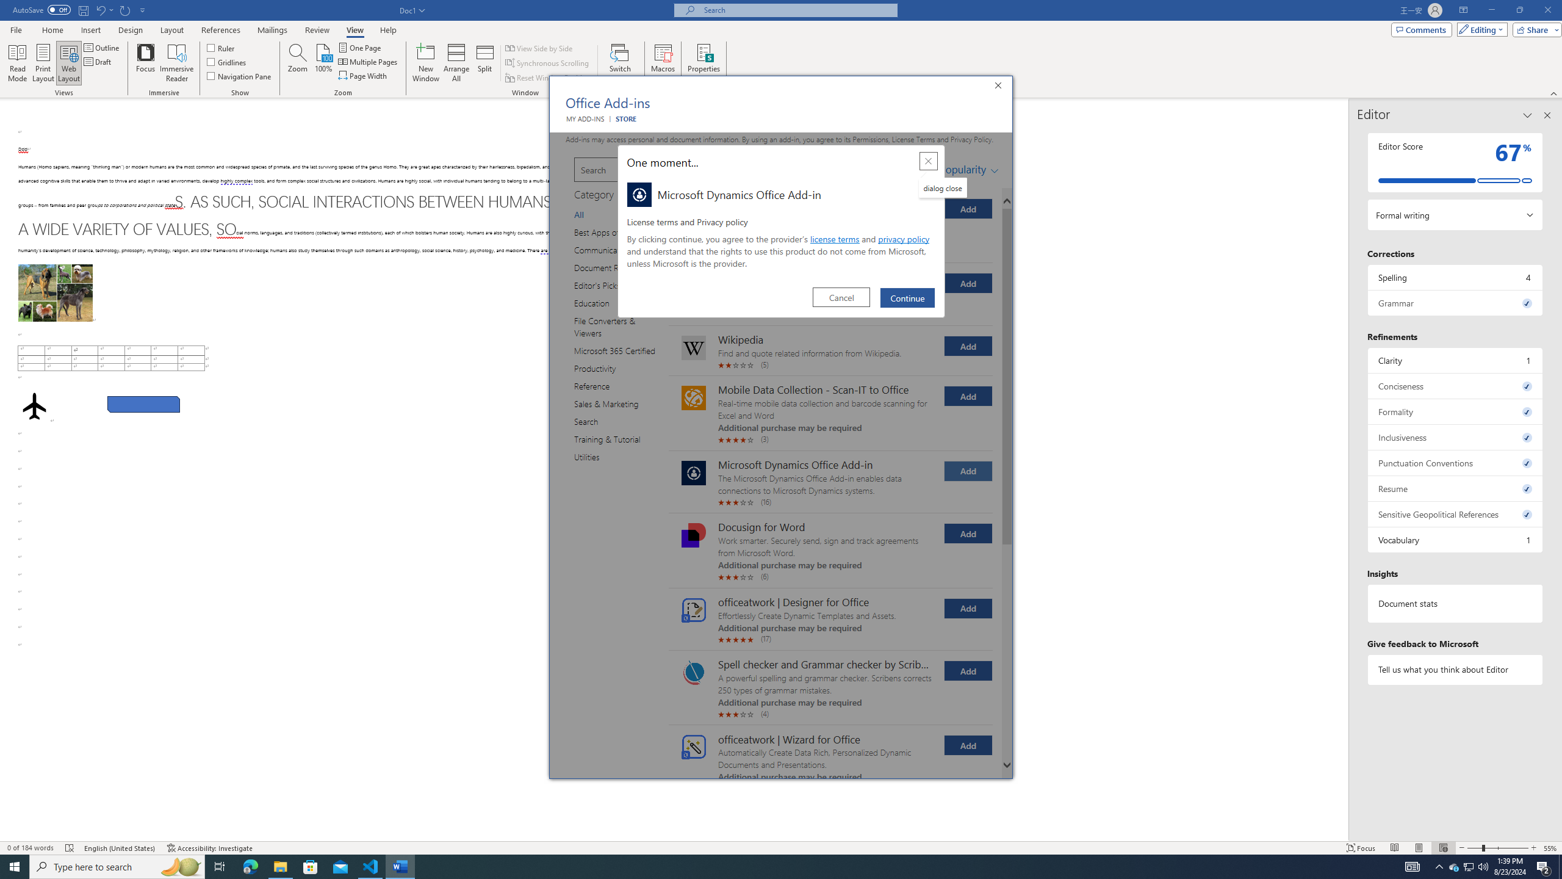  Describe the element at coordinates (1455, 302) in the screenshot. I see `'Grammar, 0 issues. Press space or enter to review items.'` at that location.